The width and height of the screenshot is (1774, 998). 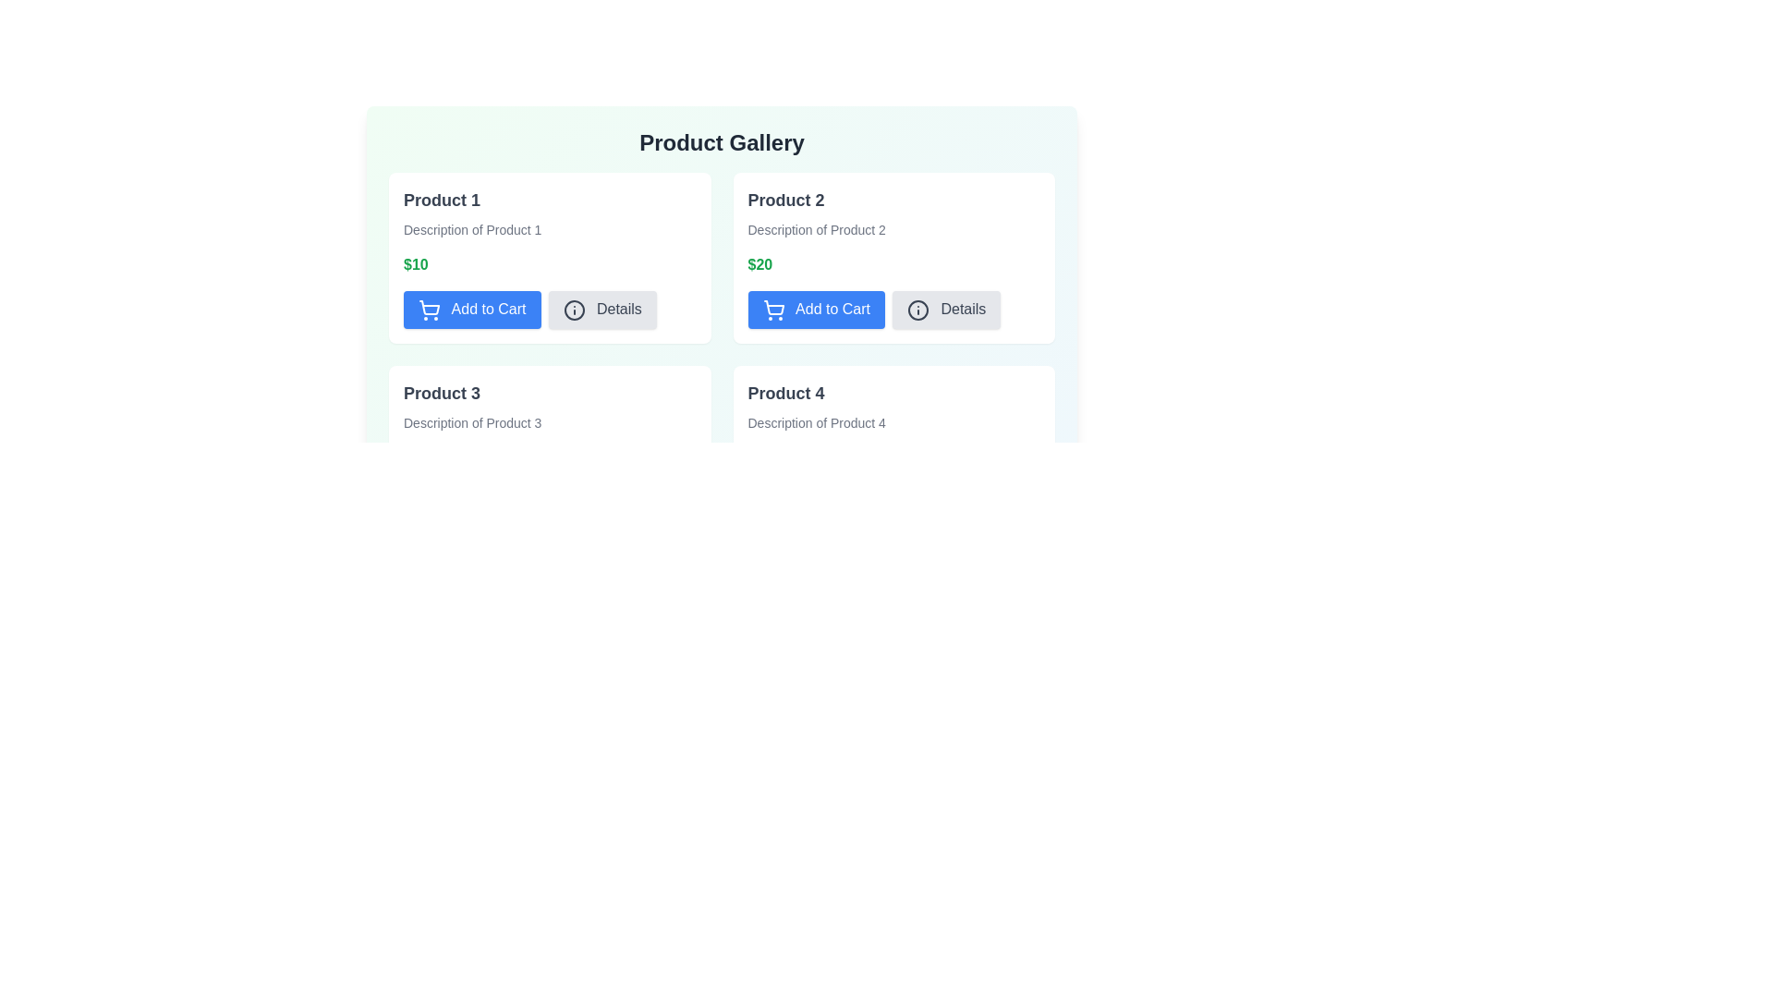 What do you see at coordinates (472, 229) in the screenshot?
I see `the text label displaying 'Description of Product 1', which is styled with a smaller font size and light gray color, located below the 'Product 1' title and above the price '$10'` at bounding box center [472, 229].